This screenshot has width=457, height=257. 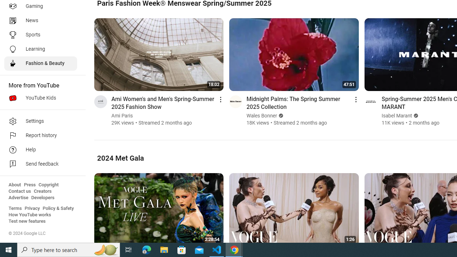 I want to click on 'Developers', so click(x=42, y=198).